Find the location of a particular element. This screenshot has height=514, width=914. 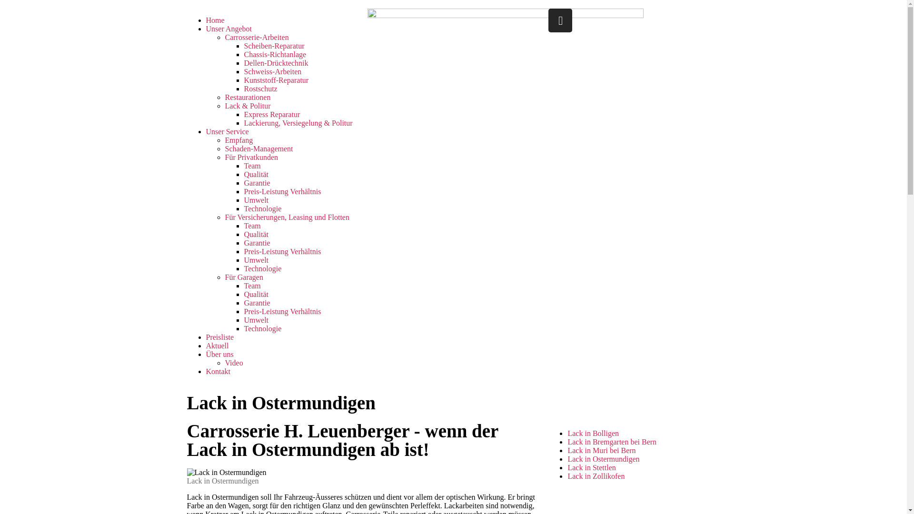

'Lack in Bolligen' is located at coordinates (567, 433).